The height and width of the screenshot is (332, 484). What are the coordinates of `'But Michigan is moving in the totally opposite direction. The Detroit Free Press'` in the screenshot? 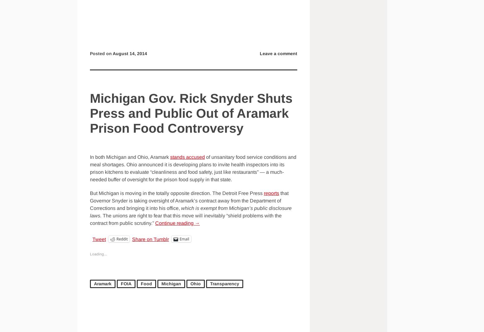 It's located at (90, 193).